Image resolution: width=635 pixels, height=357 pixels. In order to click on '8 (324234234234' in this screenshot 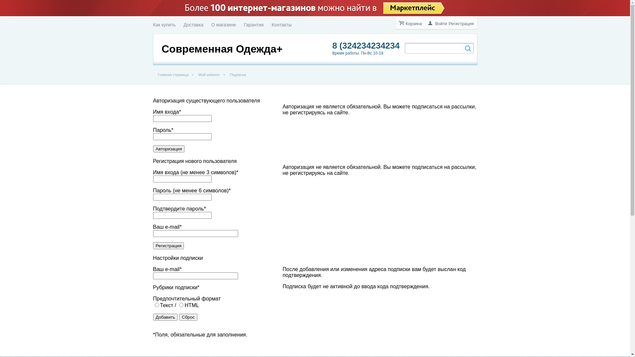, I will do `click(366, 45)`.